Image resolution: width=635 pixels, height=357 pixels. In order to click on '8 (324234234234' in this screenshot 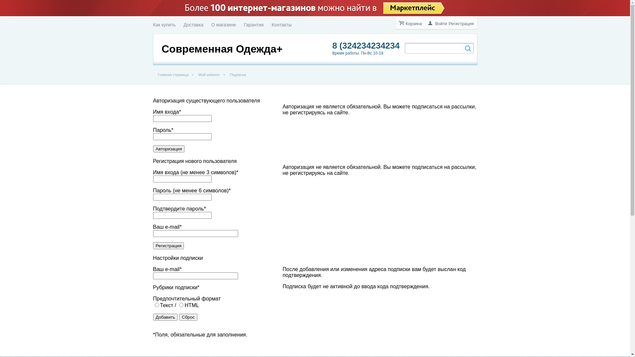, I will do `click(366, 45)`.